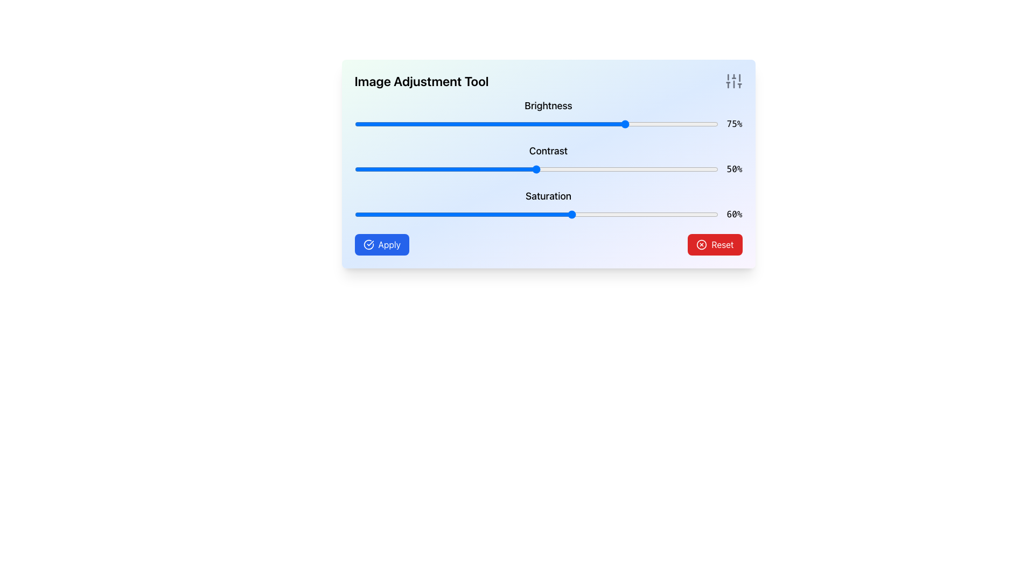  I want to click on the slider value, so click(449, 214).